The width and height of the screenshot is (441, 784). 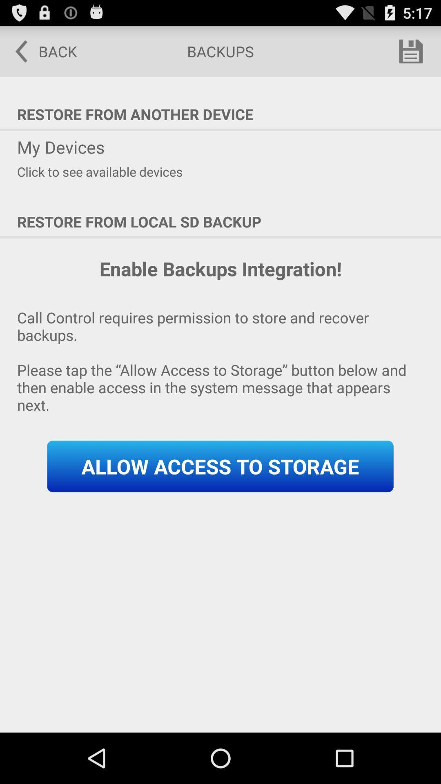 What do you see at coordinates (411, 51) in the screenshot?
I see `the item to the right of backups` at bounding box center [411, 51].